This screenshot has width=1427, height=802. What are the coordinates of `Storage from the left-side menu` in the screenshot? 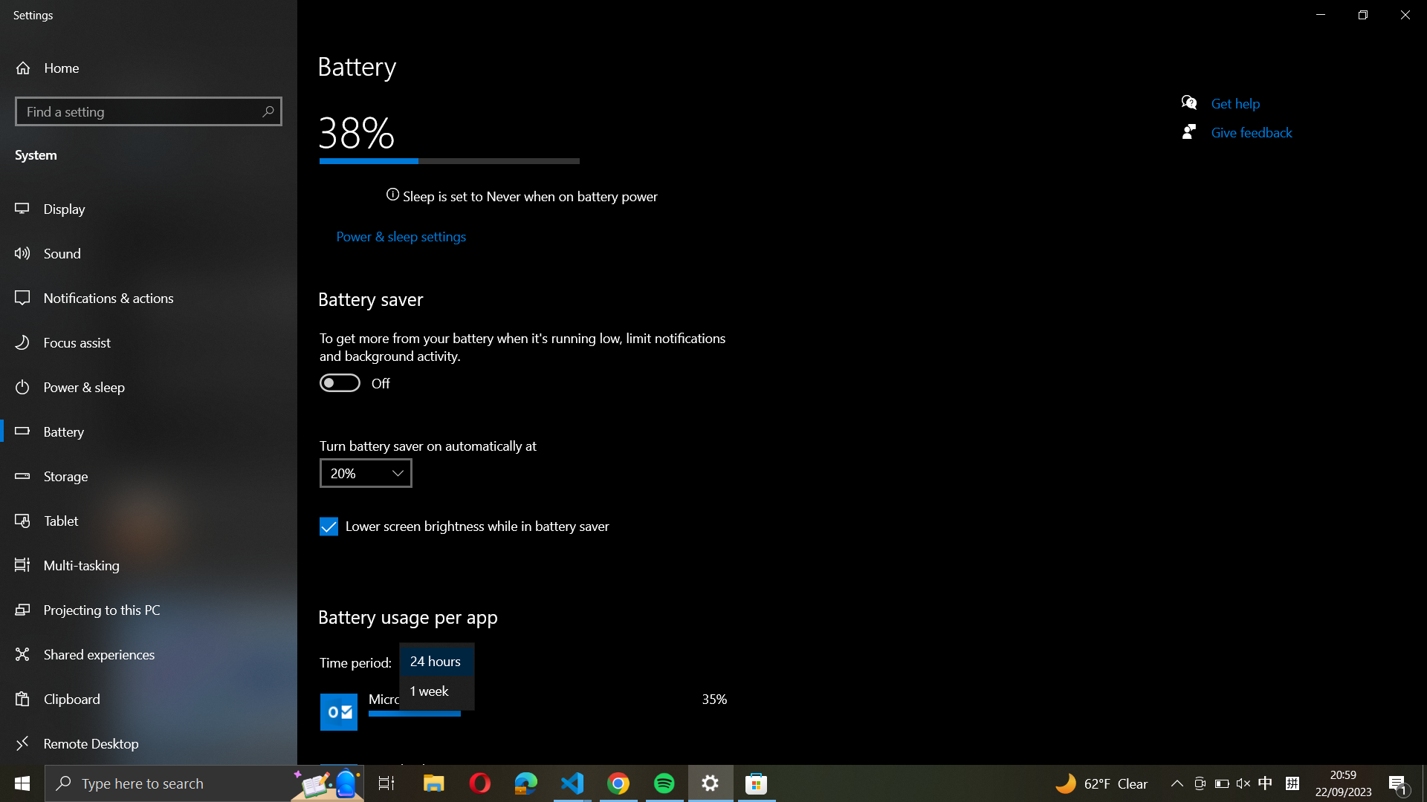 It's located at (150, 478).